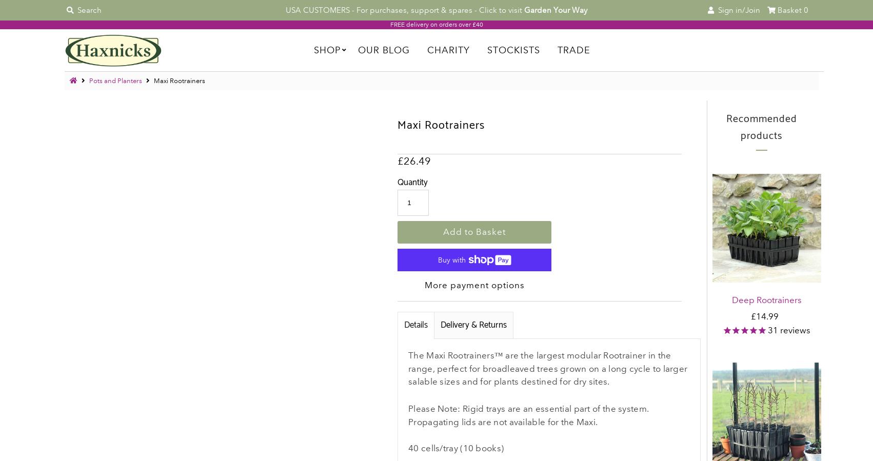  Describe the element at coordinates (412, 182) in the screenshot. I see `'Quantity'` at that location.